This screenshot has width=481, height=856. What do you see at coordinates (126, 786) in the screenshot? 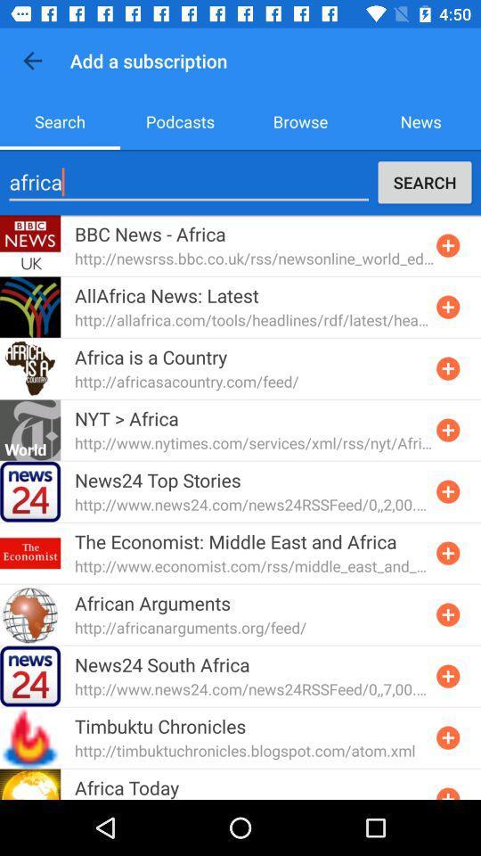
I see `the africa today item` at bounding box center [126, 786].